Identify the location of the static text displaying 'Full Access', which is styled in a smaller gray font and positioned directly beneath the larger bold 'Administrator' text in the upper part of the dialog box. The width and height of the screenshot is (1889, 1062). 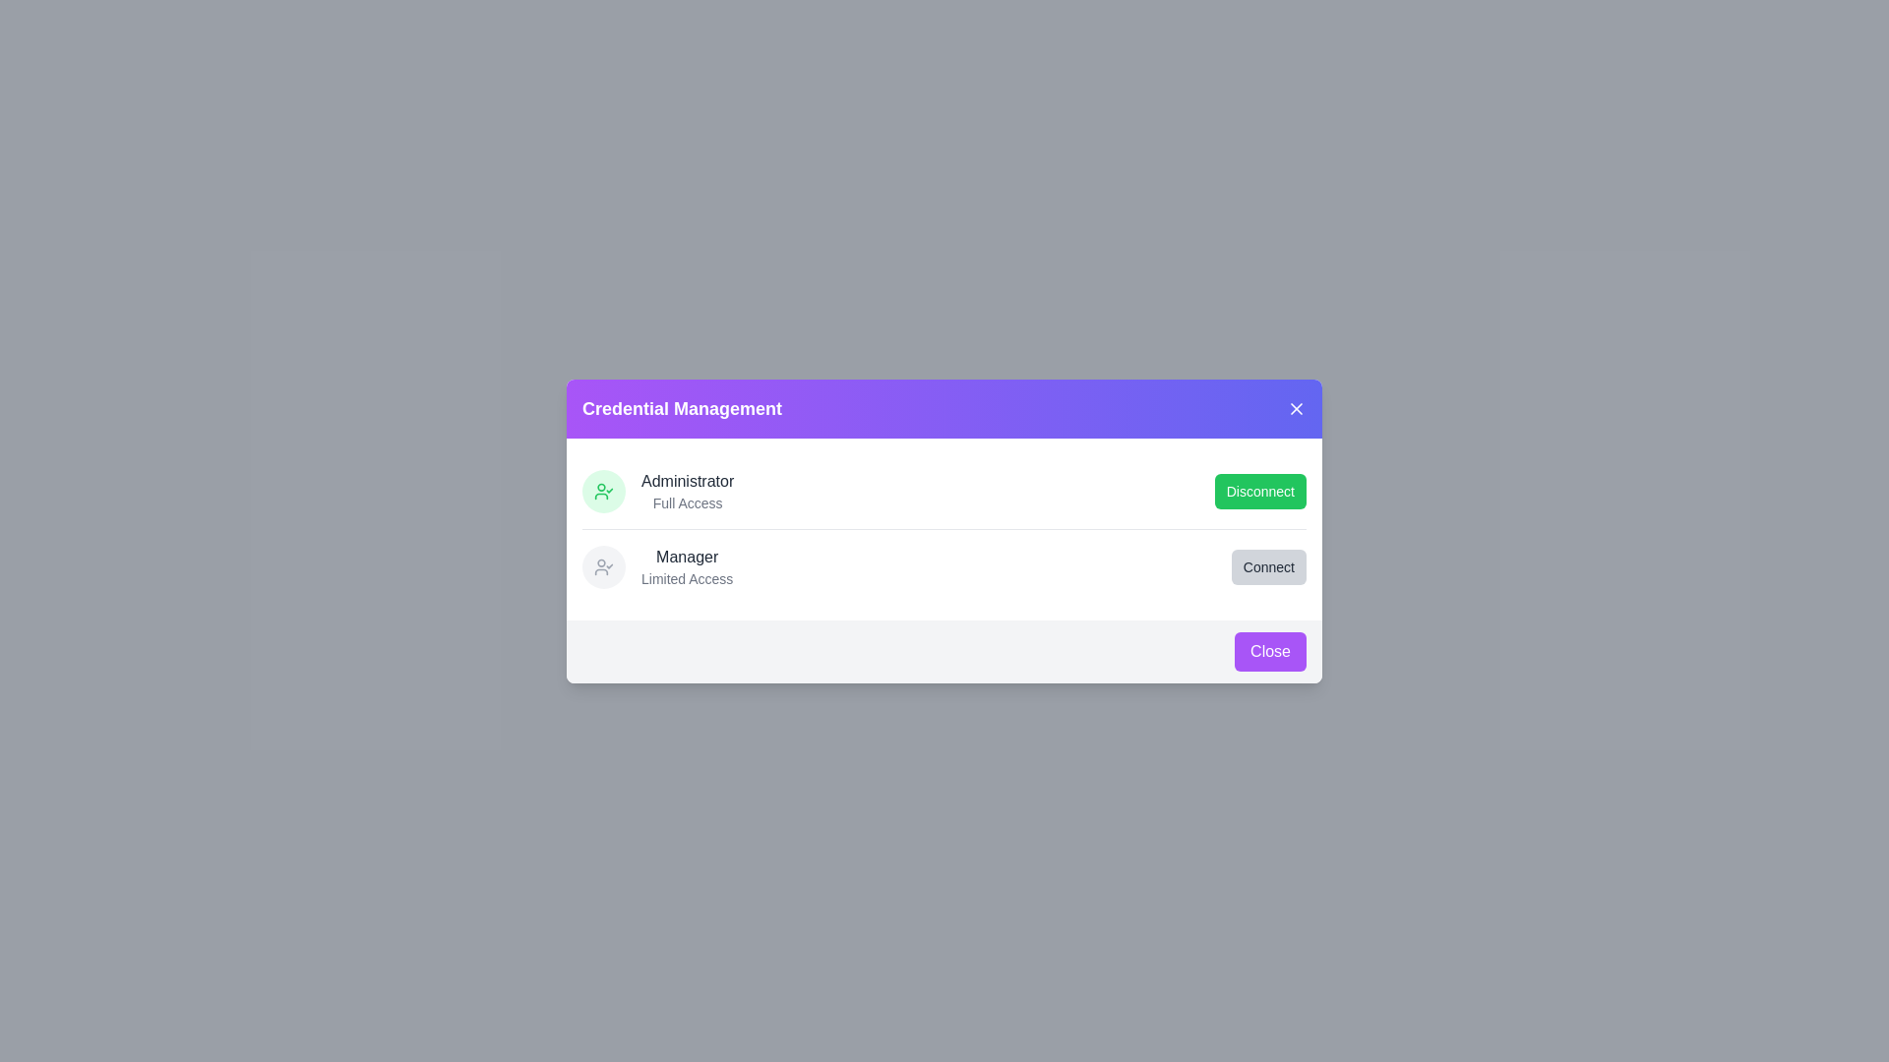
(688, 501).